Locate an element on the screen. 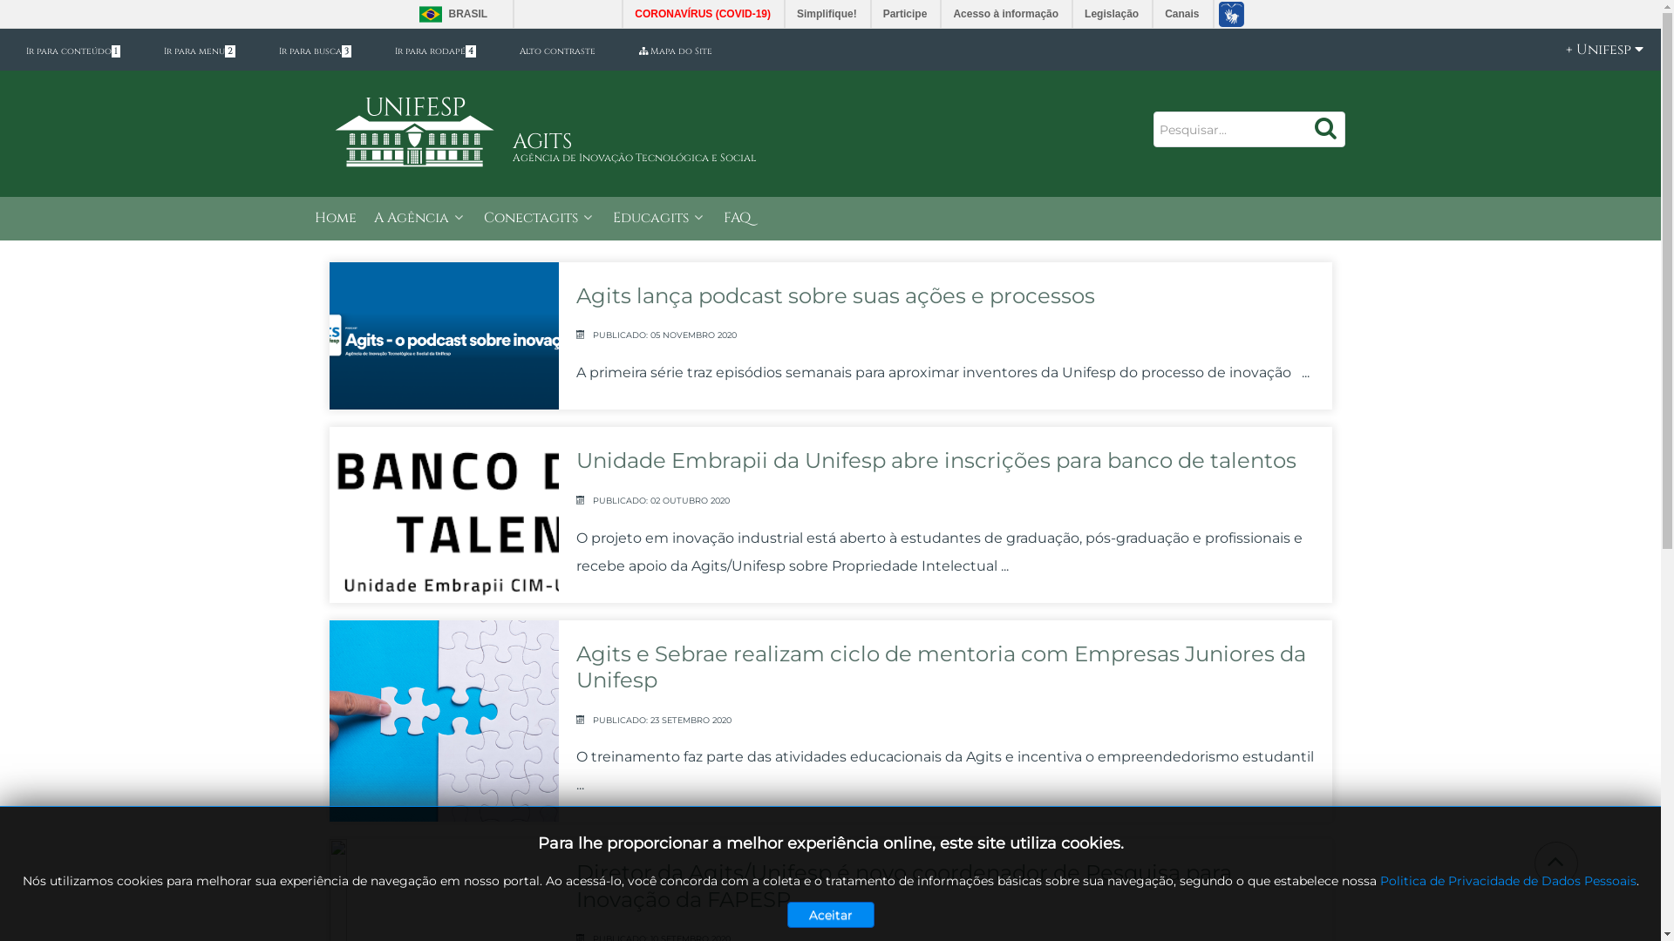  'Conectagits' is located at coordinates (538, 218).